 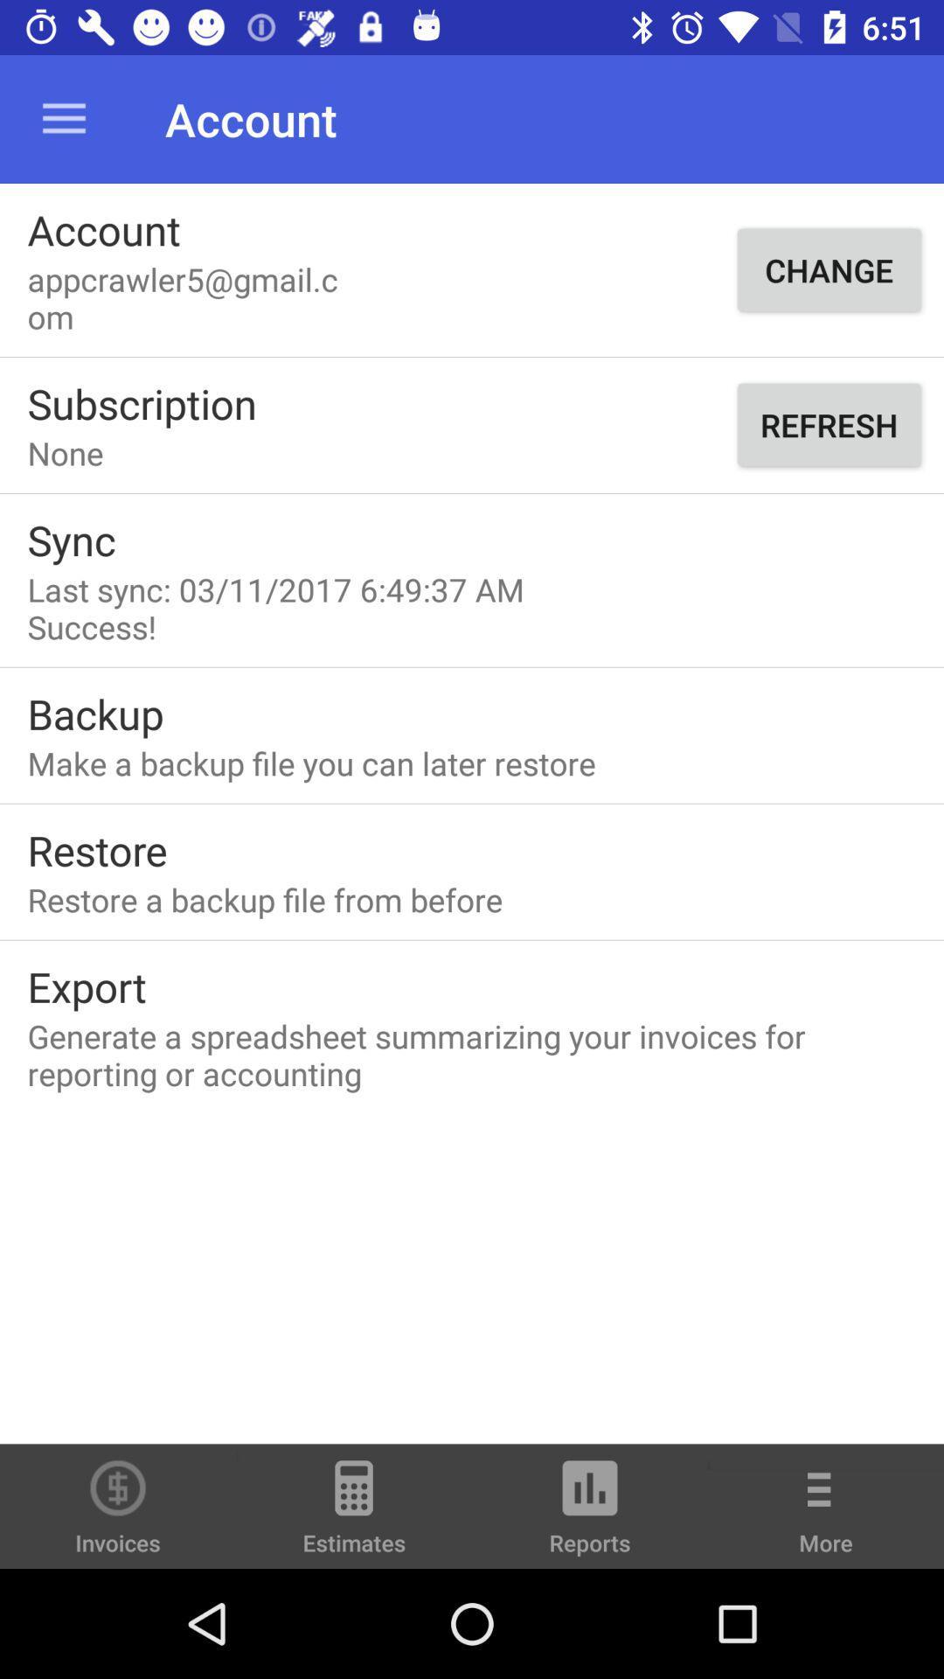 What do you see at coordinates (826, 1518) in the screenshot?
I see `more icon` at bounding box center [826, 1518].